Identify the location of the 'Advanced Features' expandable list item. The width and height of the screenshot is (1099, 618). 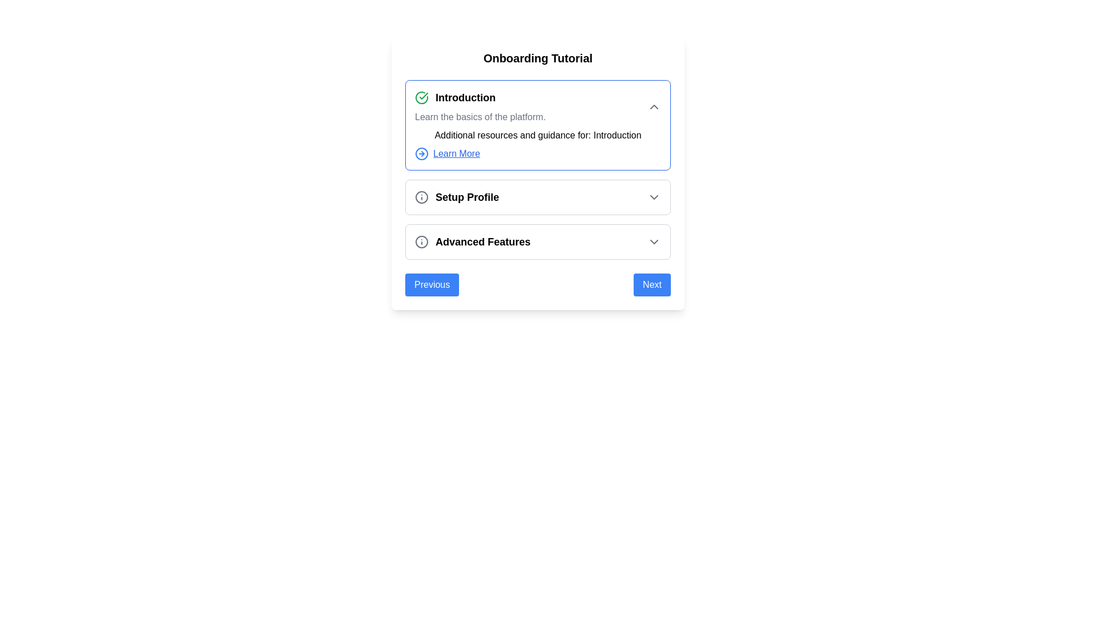
(537, 241).